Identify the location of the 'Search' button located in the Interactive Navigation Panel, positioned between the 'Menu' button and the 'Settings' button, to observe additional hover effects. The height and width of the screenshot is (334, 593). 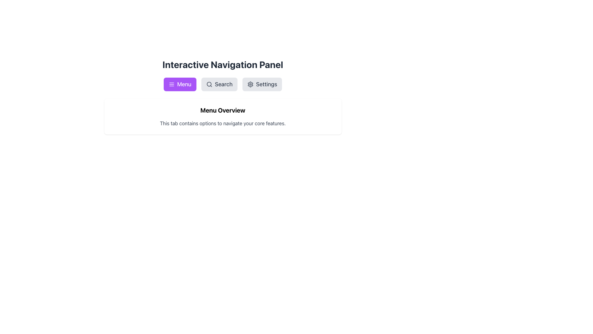
(219, 84).